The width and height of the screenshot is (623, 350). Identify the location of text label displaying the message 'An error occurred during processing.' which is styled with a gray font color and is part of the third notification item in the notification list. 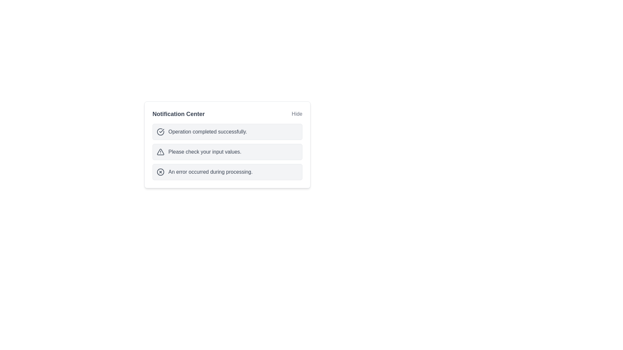
(210, 172).